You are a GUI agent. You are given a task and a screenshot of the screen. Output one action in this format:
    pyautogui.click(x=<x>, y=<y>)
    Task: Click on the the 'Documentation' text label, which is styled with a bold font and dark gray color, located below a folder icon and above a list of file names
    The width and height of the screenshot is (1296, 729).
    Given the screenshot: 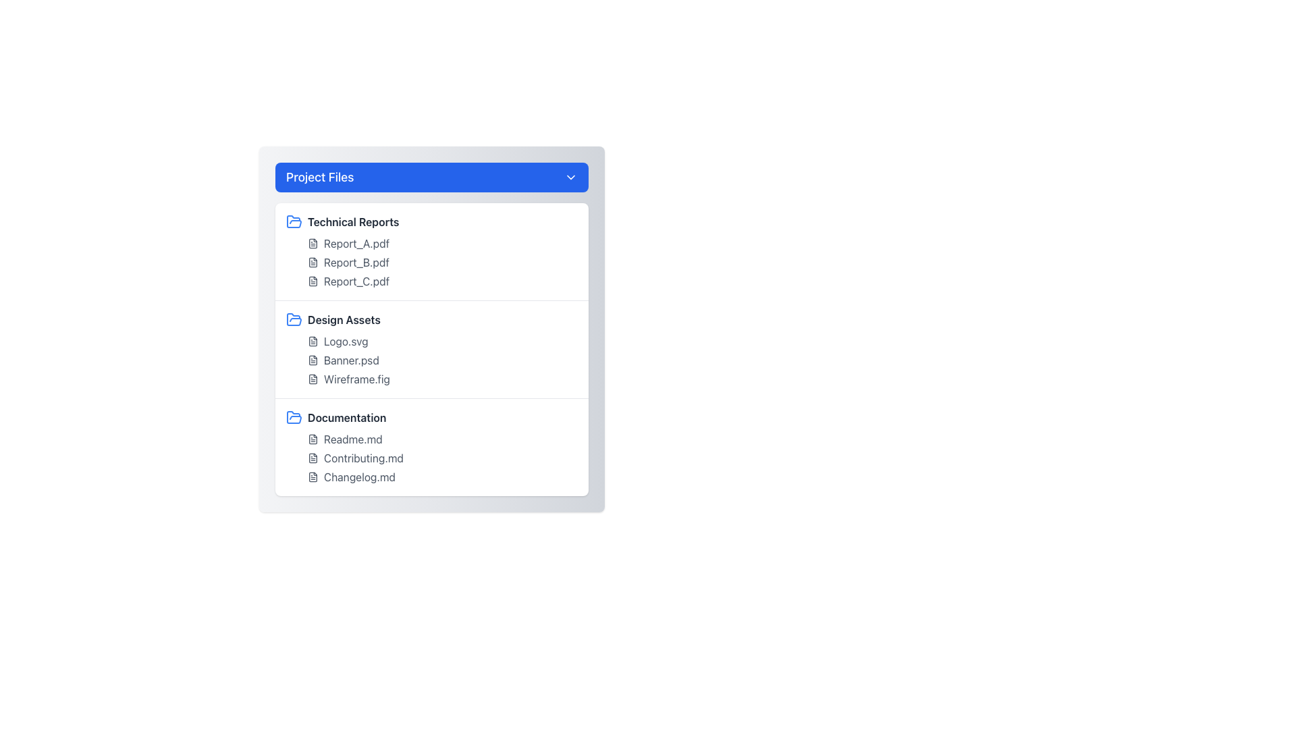 What is the action you would take?
    pyautogui.click(x=347, y=416)
    